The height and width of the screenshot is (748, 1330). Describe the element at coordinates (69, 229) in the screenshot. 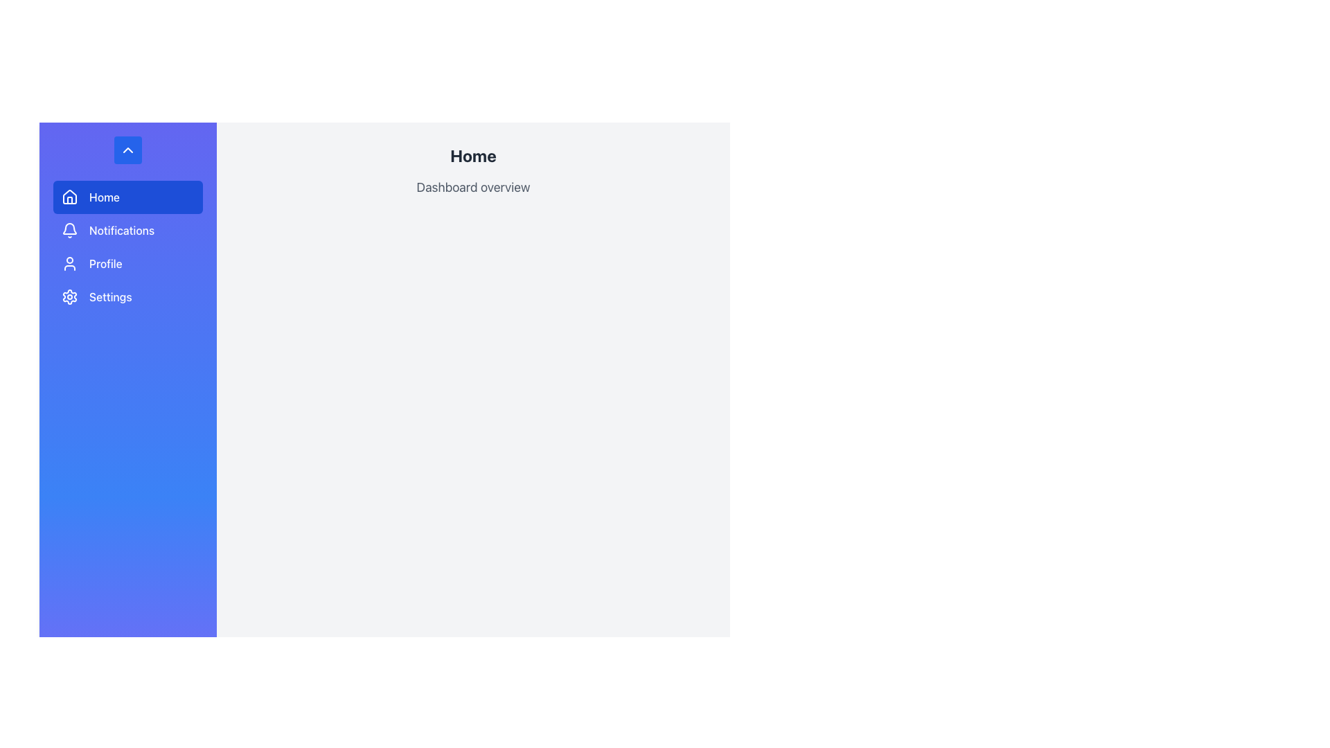

I see `the Notifications icon in the navigation menu, which is located to the left of the text 'Notifications'` at that location.